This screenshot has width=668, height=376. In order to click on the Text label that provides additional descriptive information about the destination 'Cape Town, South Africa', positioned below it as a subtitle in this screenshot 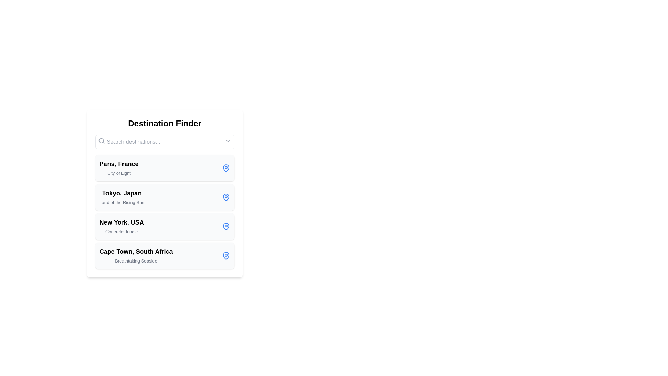, I will do `click(136, 261)`.